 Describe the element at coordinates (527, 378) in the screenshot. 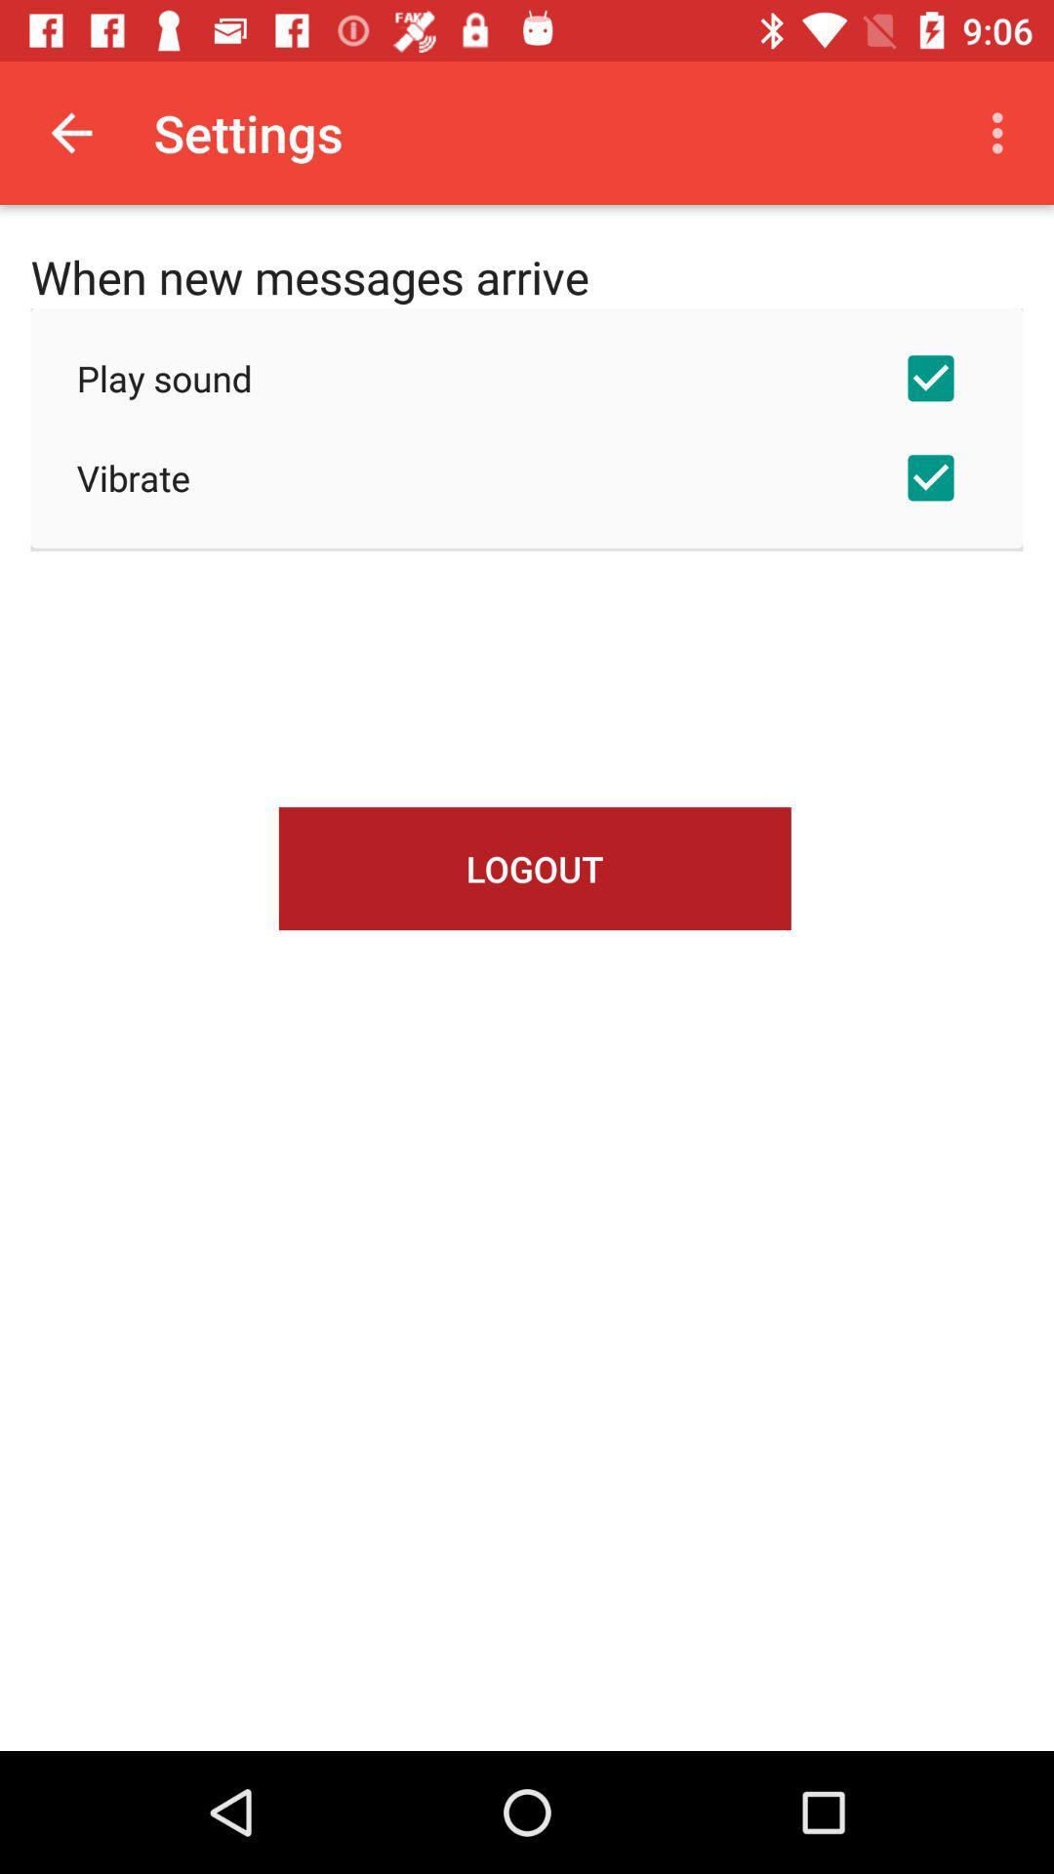

I see `play sound` at that location.